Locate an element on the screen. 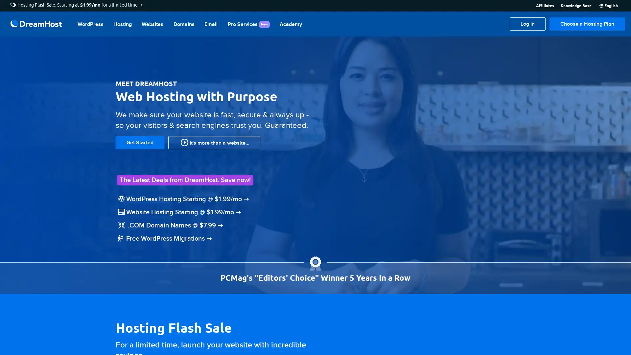 The height and width of the screenshot is (355, 631). Choose a Hosting Plan is located at coordinates (587, 24).